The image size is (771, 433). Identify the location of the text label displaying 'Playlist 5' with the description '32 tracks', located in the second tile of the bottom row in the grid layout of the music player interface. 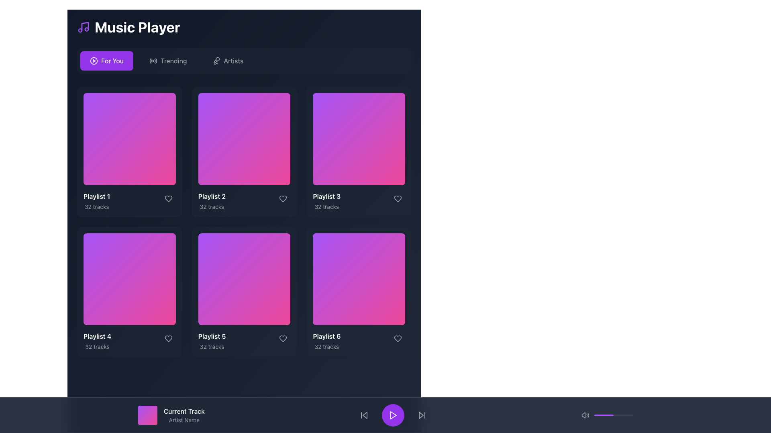
(212, 341).